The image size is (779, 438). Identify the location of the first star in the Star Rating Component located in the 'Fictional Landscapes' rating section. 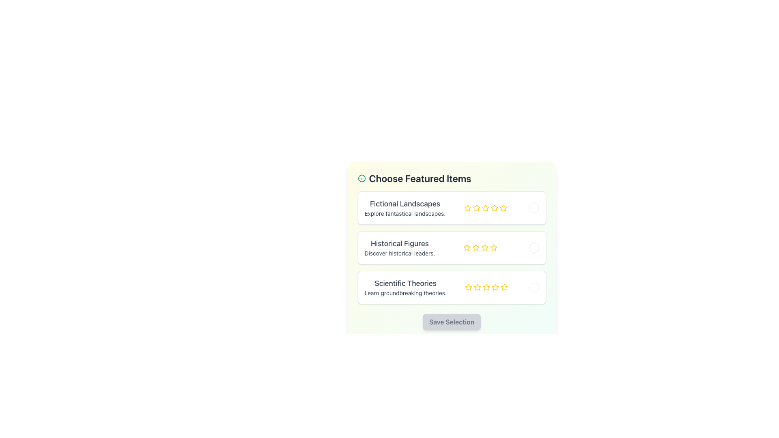
(468, 208).